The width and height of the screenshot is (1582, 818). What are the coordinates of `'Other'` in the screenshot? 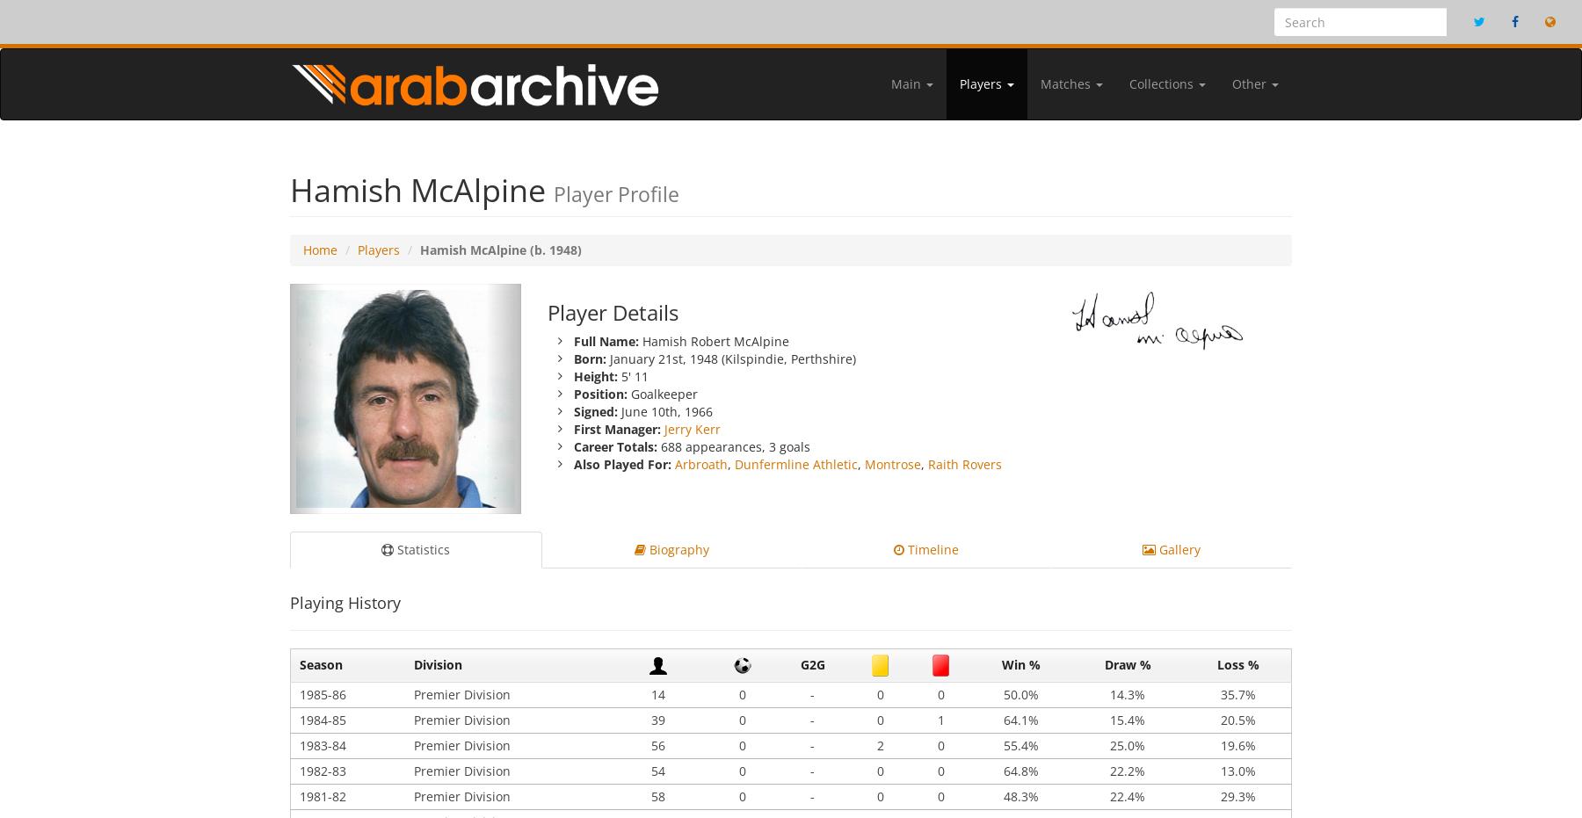 It's located at (1231, 83).